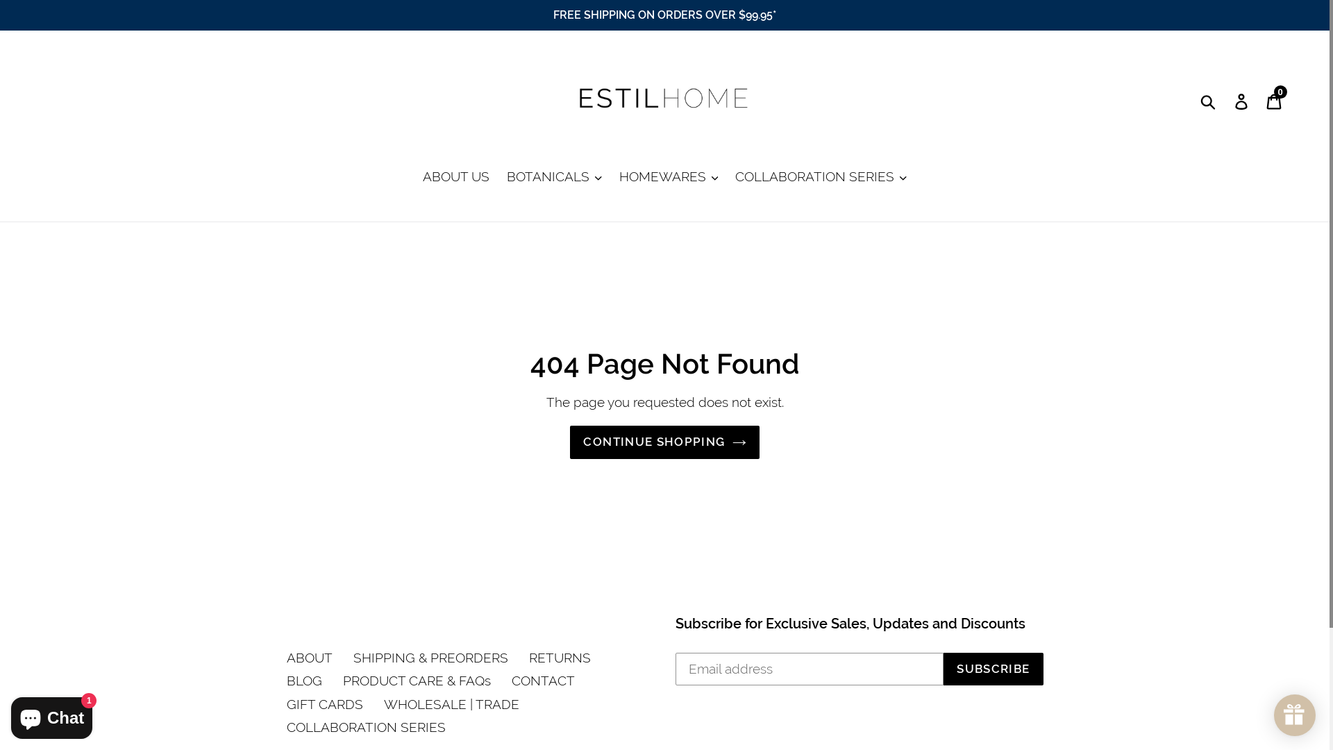  I want to click on 'SUBSCRIBE', so click(992, 669).